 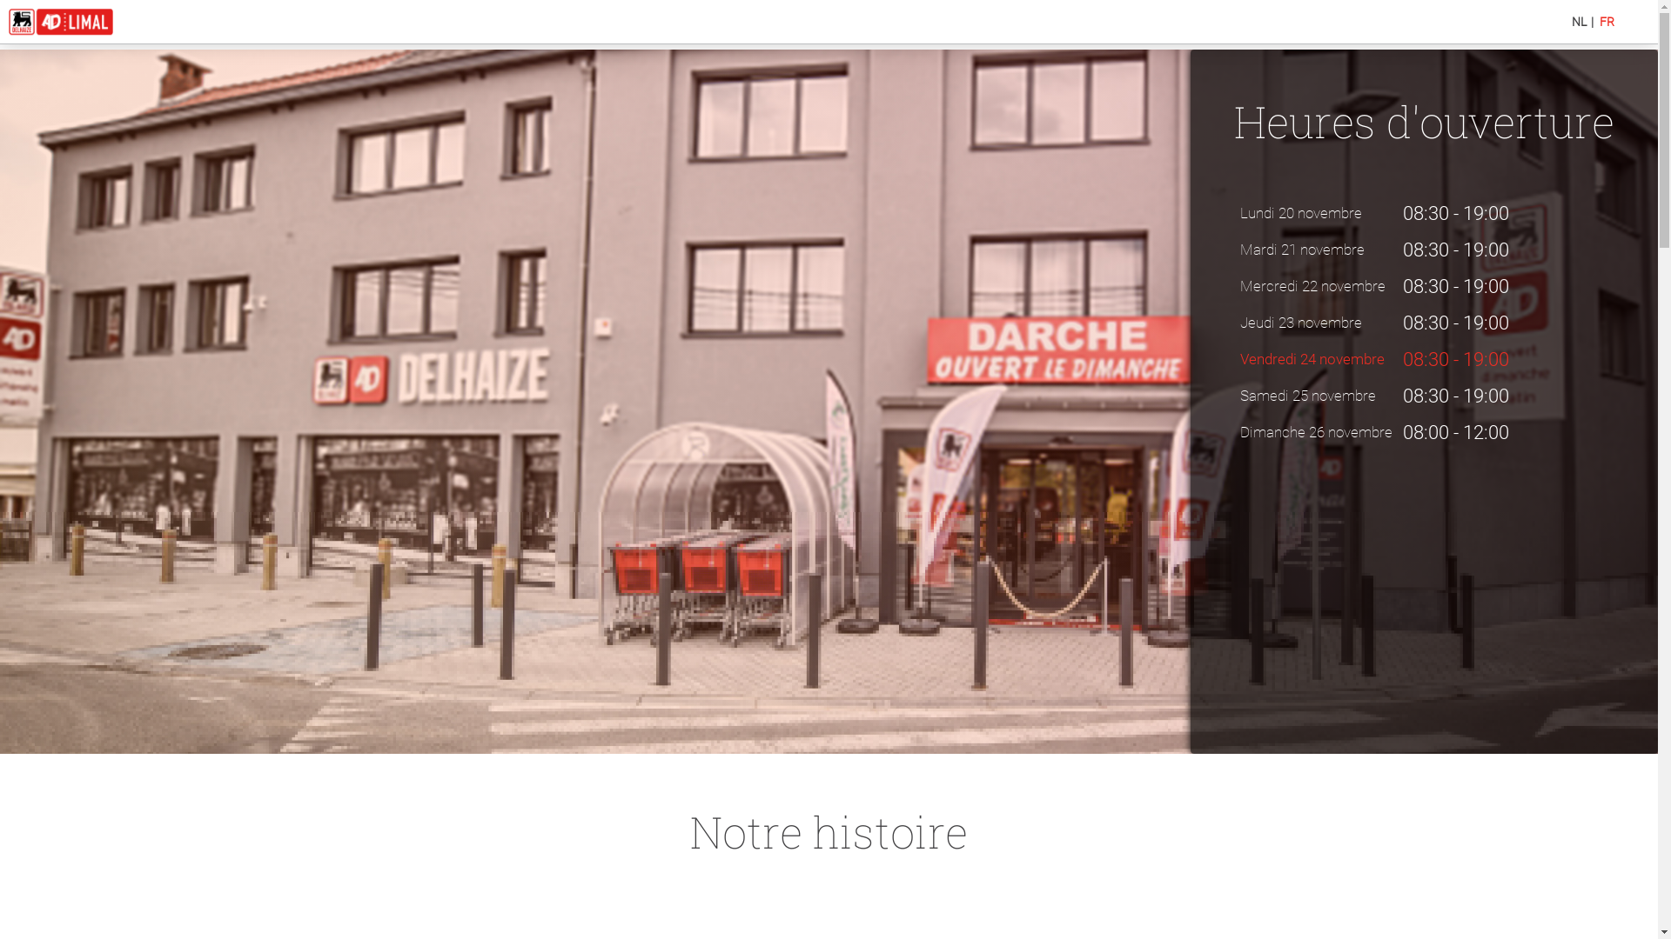 I want to click on 'NL', so click(x=1579, y=21).